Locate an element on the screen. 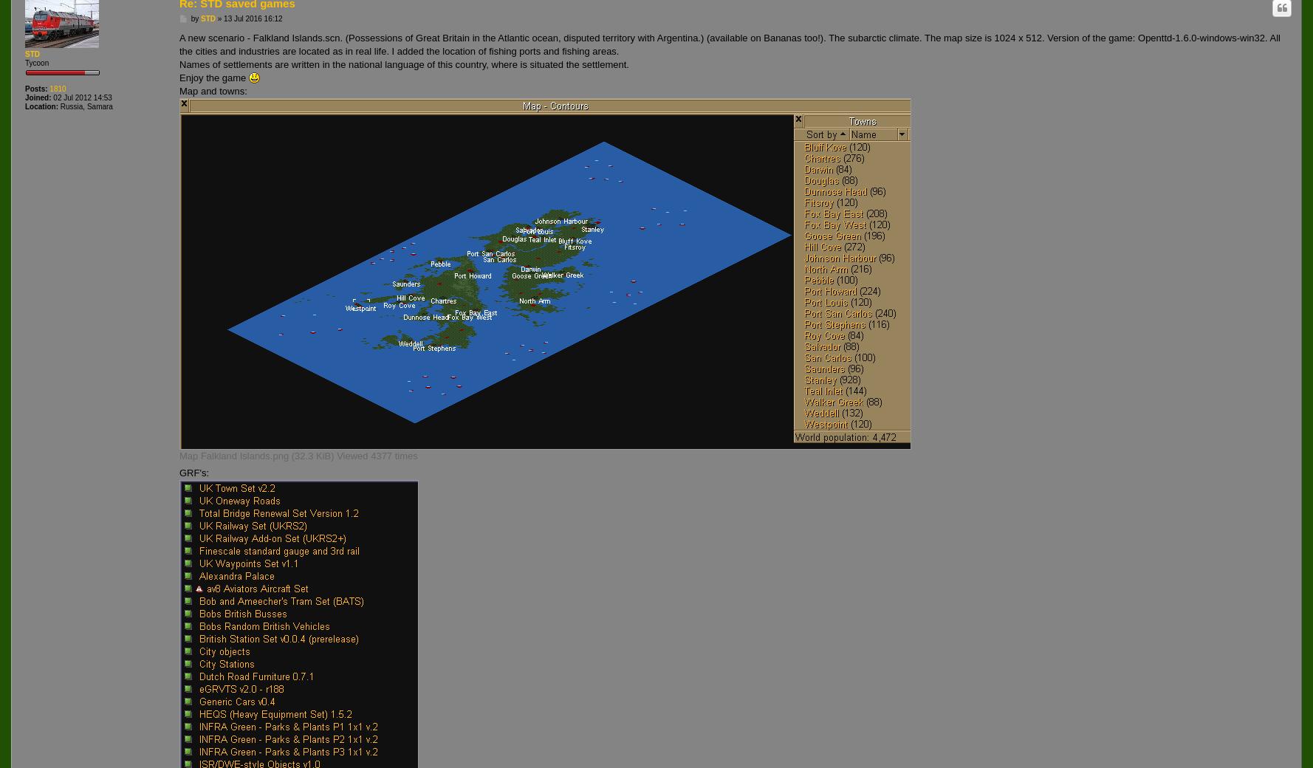 The image size is (1313, 768). 'Joined:' is located at coordinates (38, 97).